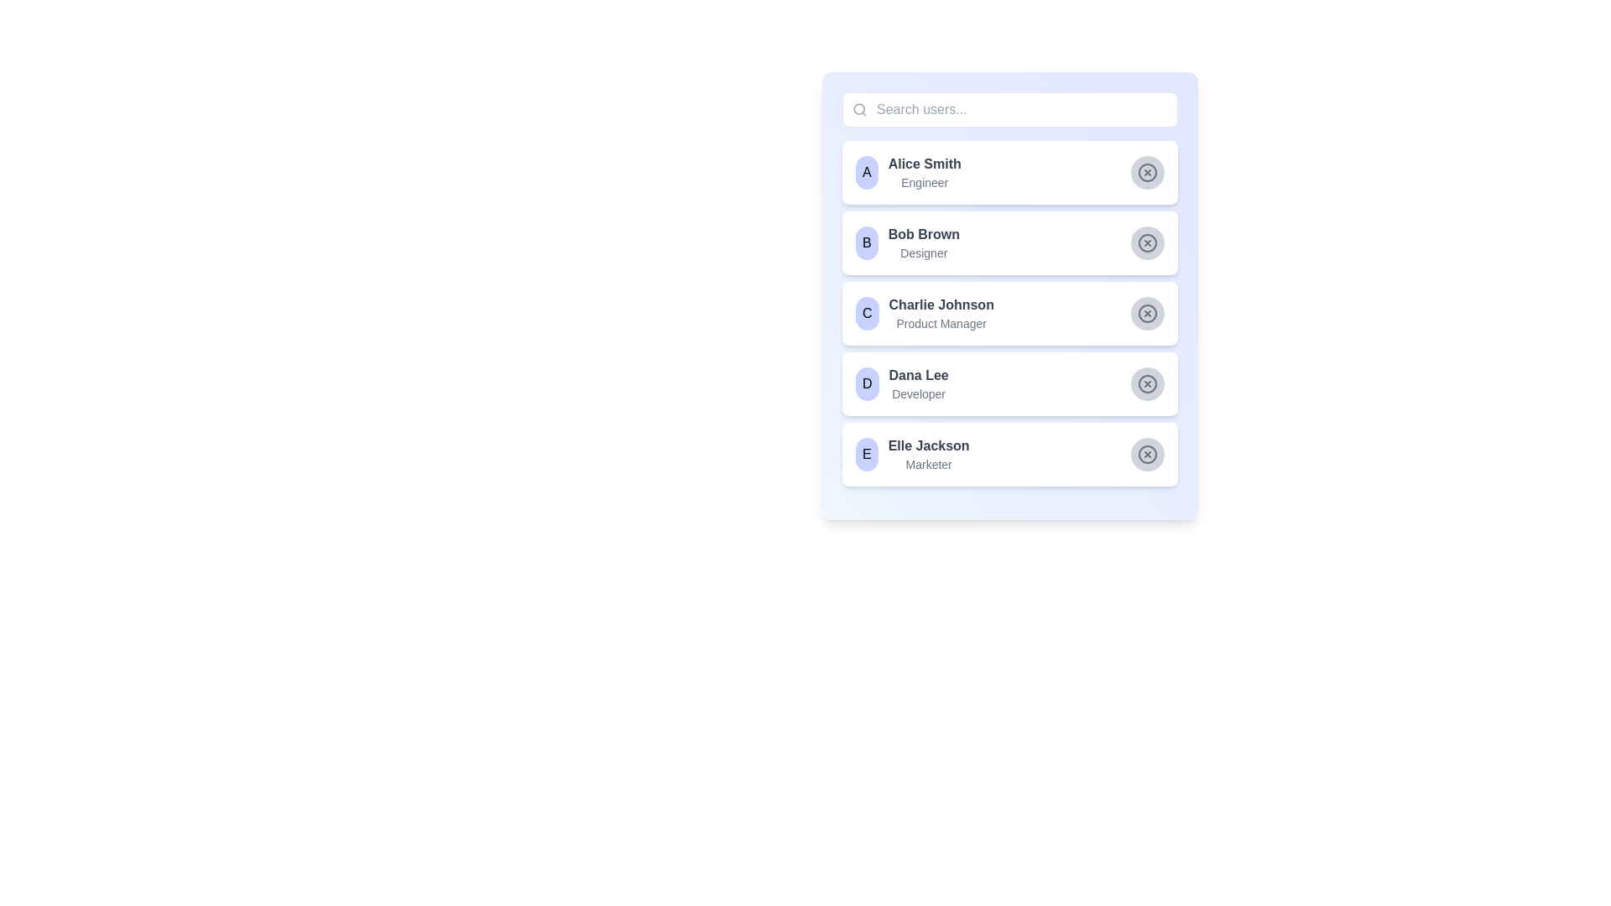 This screenshot has height=906, width=1611. What do you see at coordinates (901, 384) in the screenshot?
I see `the Profile item for 'Dana Lee', which features a circular icon with 'D' on a lavender background and the text 'Dana Lee, Developer'` at bounding box center [901, 384].